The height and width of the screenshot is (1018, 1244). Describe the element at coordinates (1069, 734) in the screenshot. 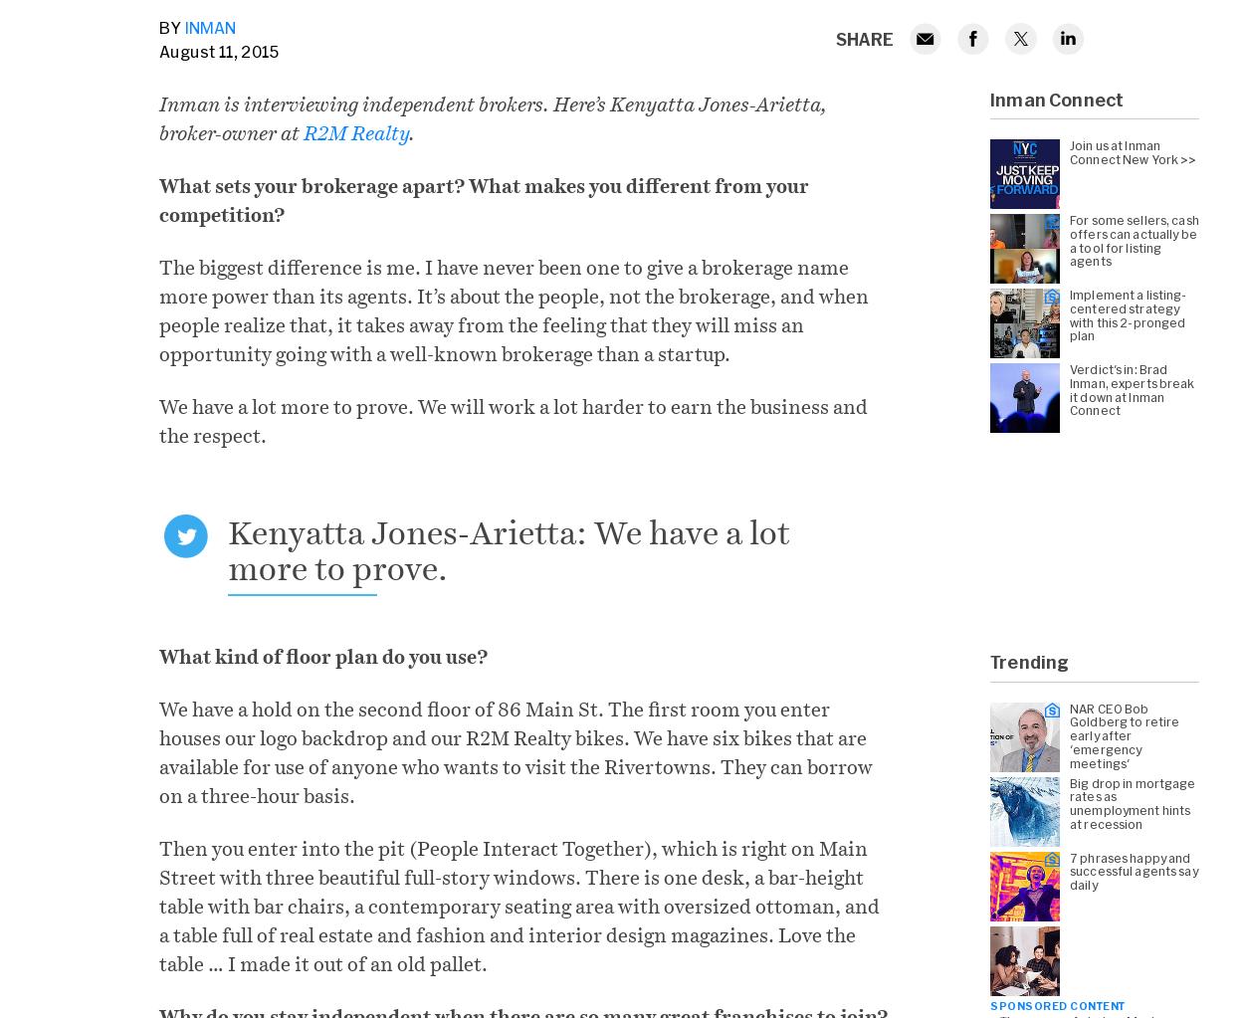

I see `'NAR CEO Bob Goldberg to retire early after 'emergency meetings''` at that location.